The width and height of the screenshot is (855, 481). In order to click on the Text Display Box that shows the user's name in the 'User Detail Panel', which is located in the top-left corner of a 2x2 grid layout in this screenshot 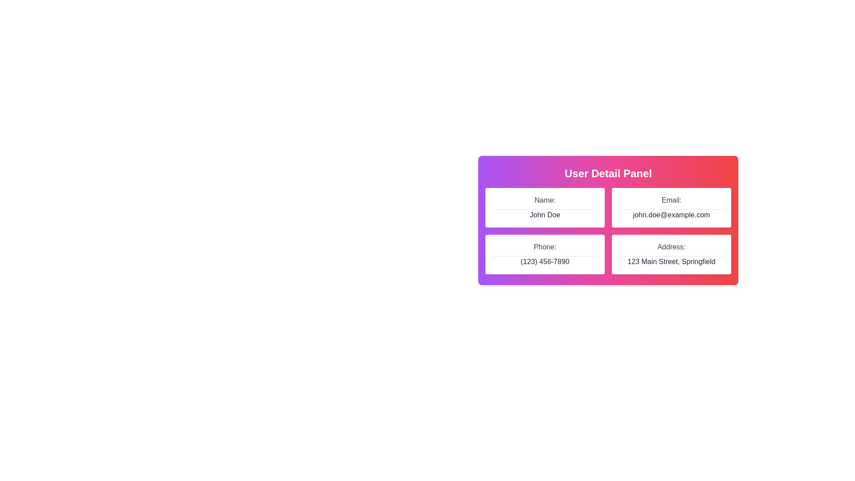, I will do `click(545, 208)`.